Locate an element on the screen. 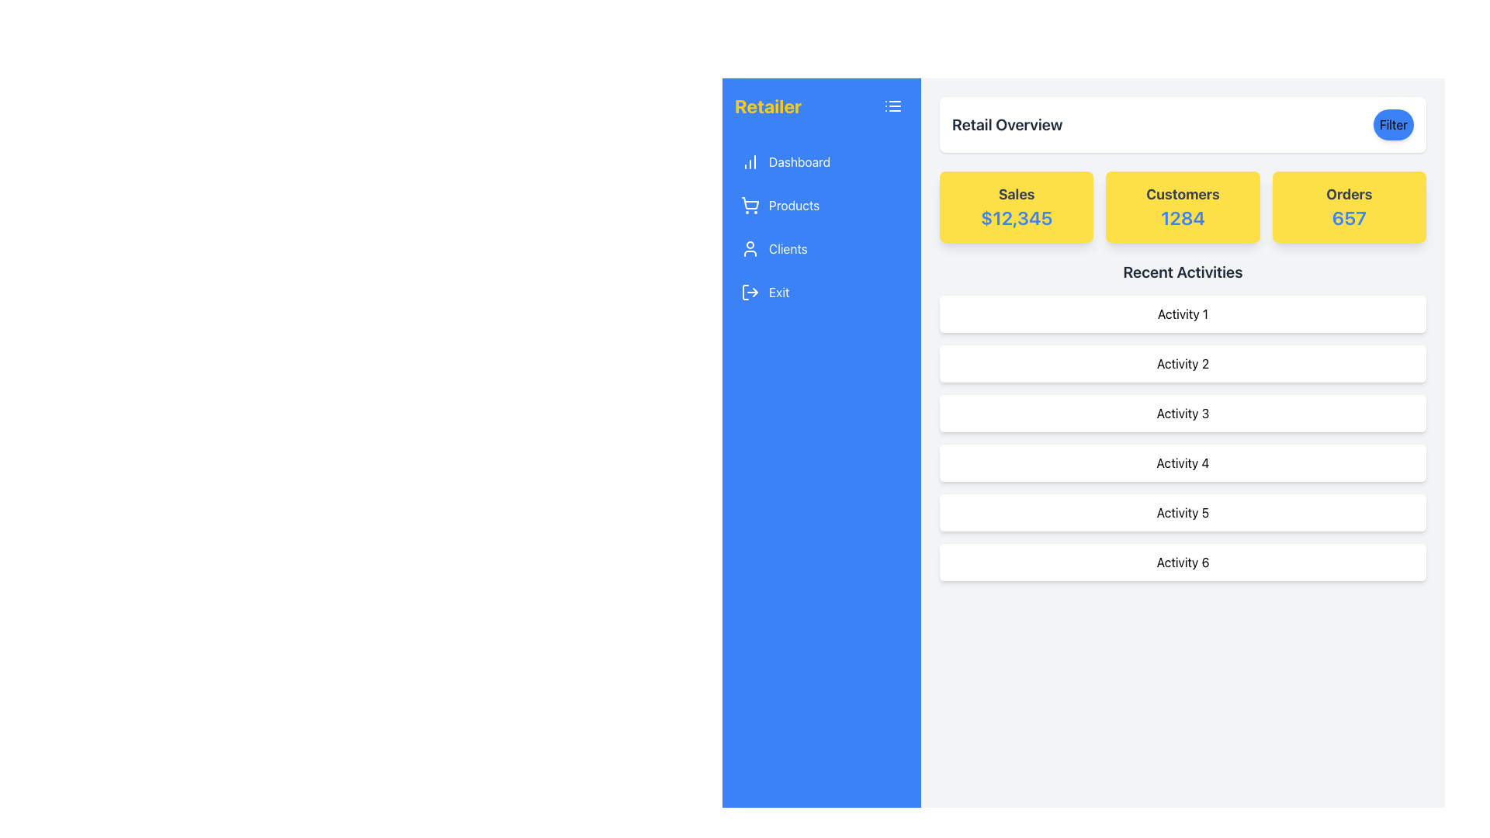 The image size is (1490, 838). the 'Products' icon located in the vertical menu bar is located at coordinates (750, 205).